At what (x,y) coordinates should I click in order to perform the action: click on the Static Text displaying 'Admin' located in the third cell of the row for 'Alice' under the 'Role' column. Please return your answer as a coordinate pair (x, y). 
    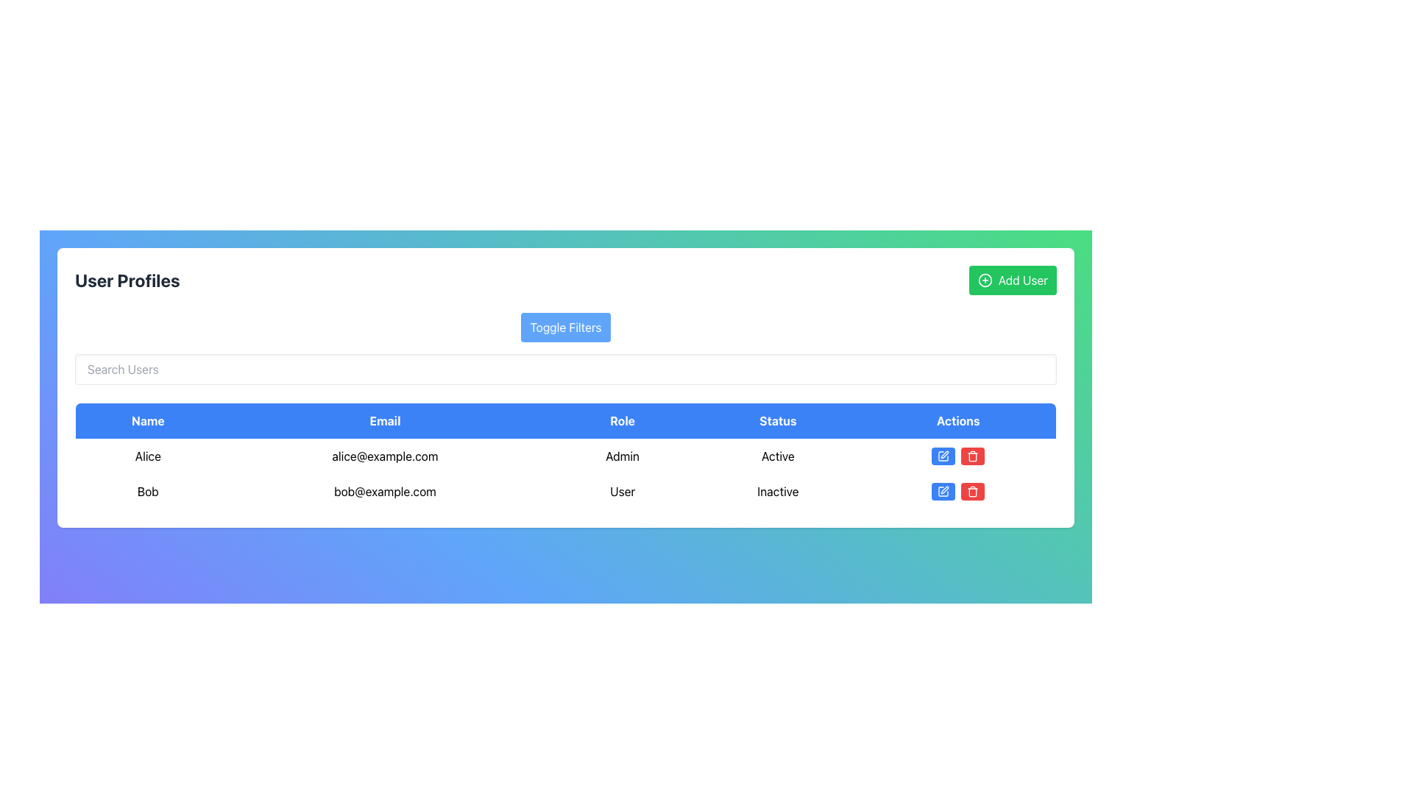
    Looking at the image, I should click on (623, 456).